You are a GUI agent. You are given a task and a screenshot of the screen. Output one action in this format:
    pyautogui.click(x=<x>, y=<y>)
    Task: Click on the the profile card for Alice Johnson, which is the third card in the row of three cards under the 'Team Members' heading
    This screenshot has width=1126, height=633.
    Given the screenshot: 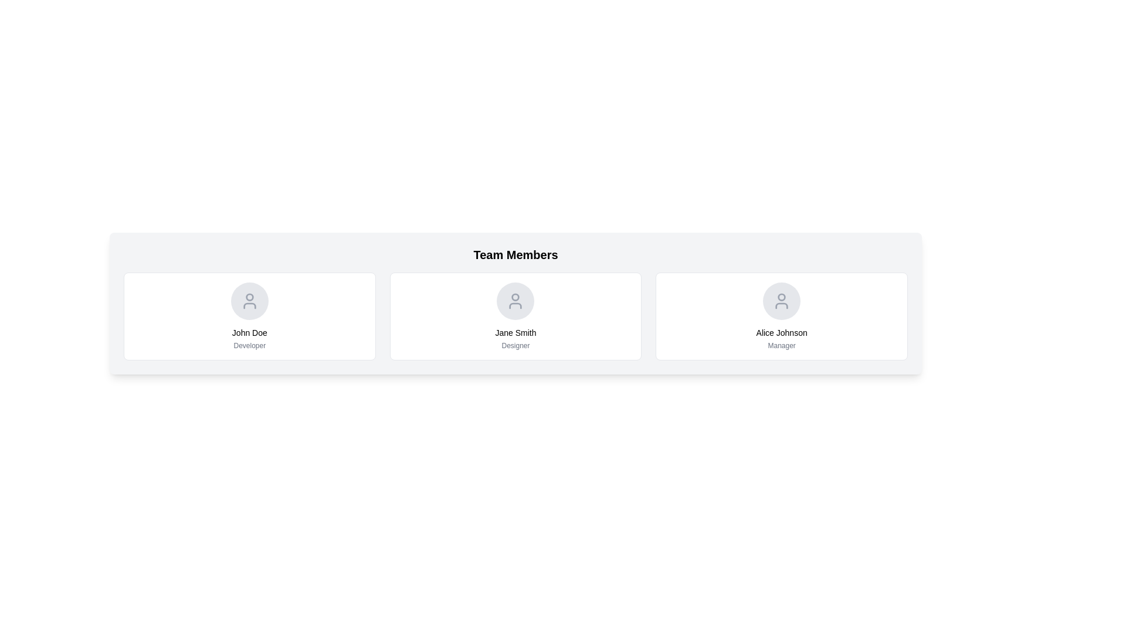 What is the action you would take?
    pyautogui.click(x=782, y=316)
    